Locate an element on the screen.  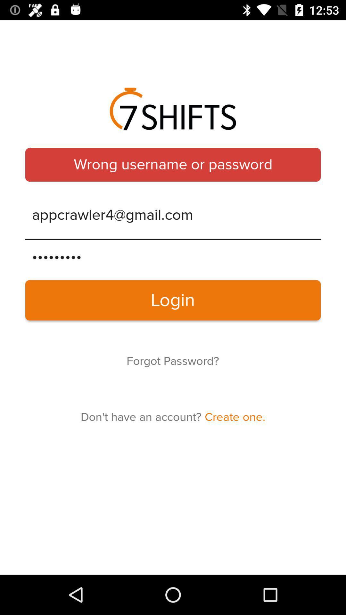
the login is located at coordinates (173, 300).